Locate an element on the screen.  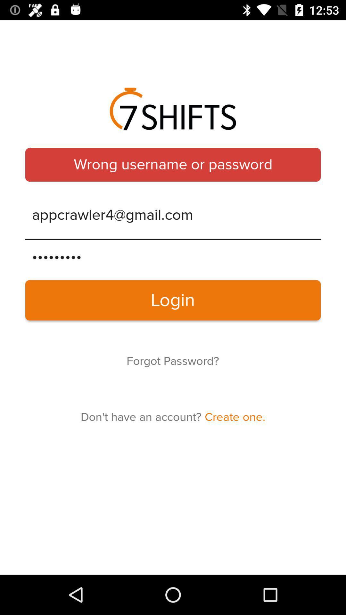
the login is located at coordinates (173, 300).